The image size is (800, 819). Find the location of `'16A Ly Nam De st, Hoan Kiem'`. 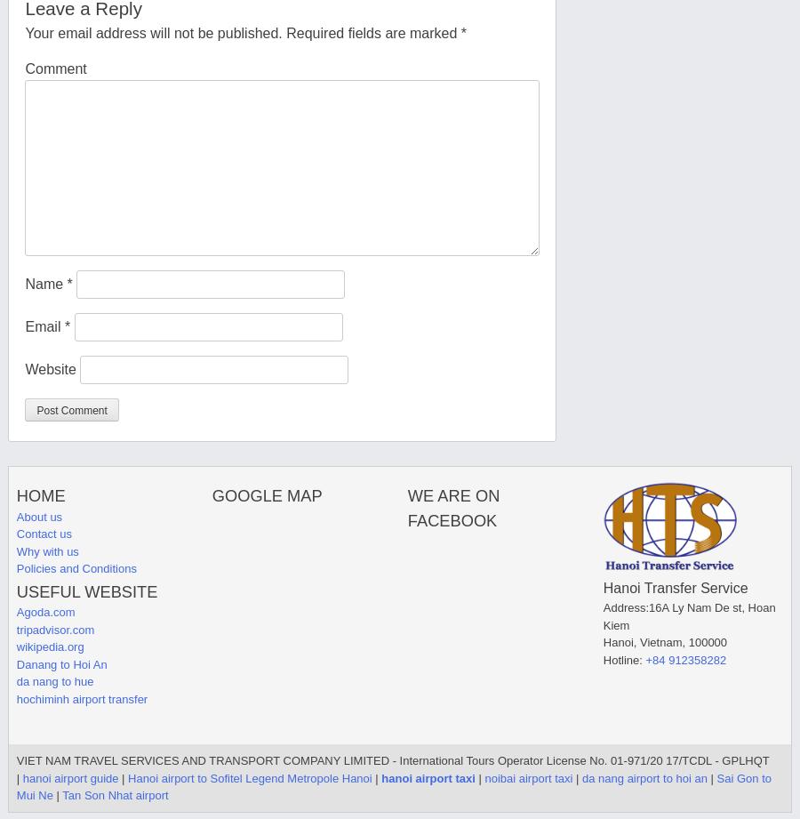

'16A Ly Nam De st, Hoan Kiem' is located at coordinates (687, 615).